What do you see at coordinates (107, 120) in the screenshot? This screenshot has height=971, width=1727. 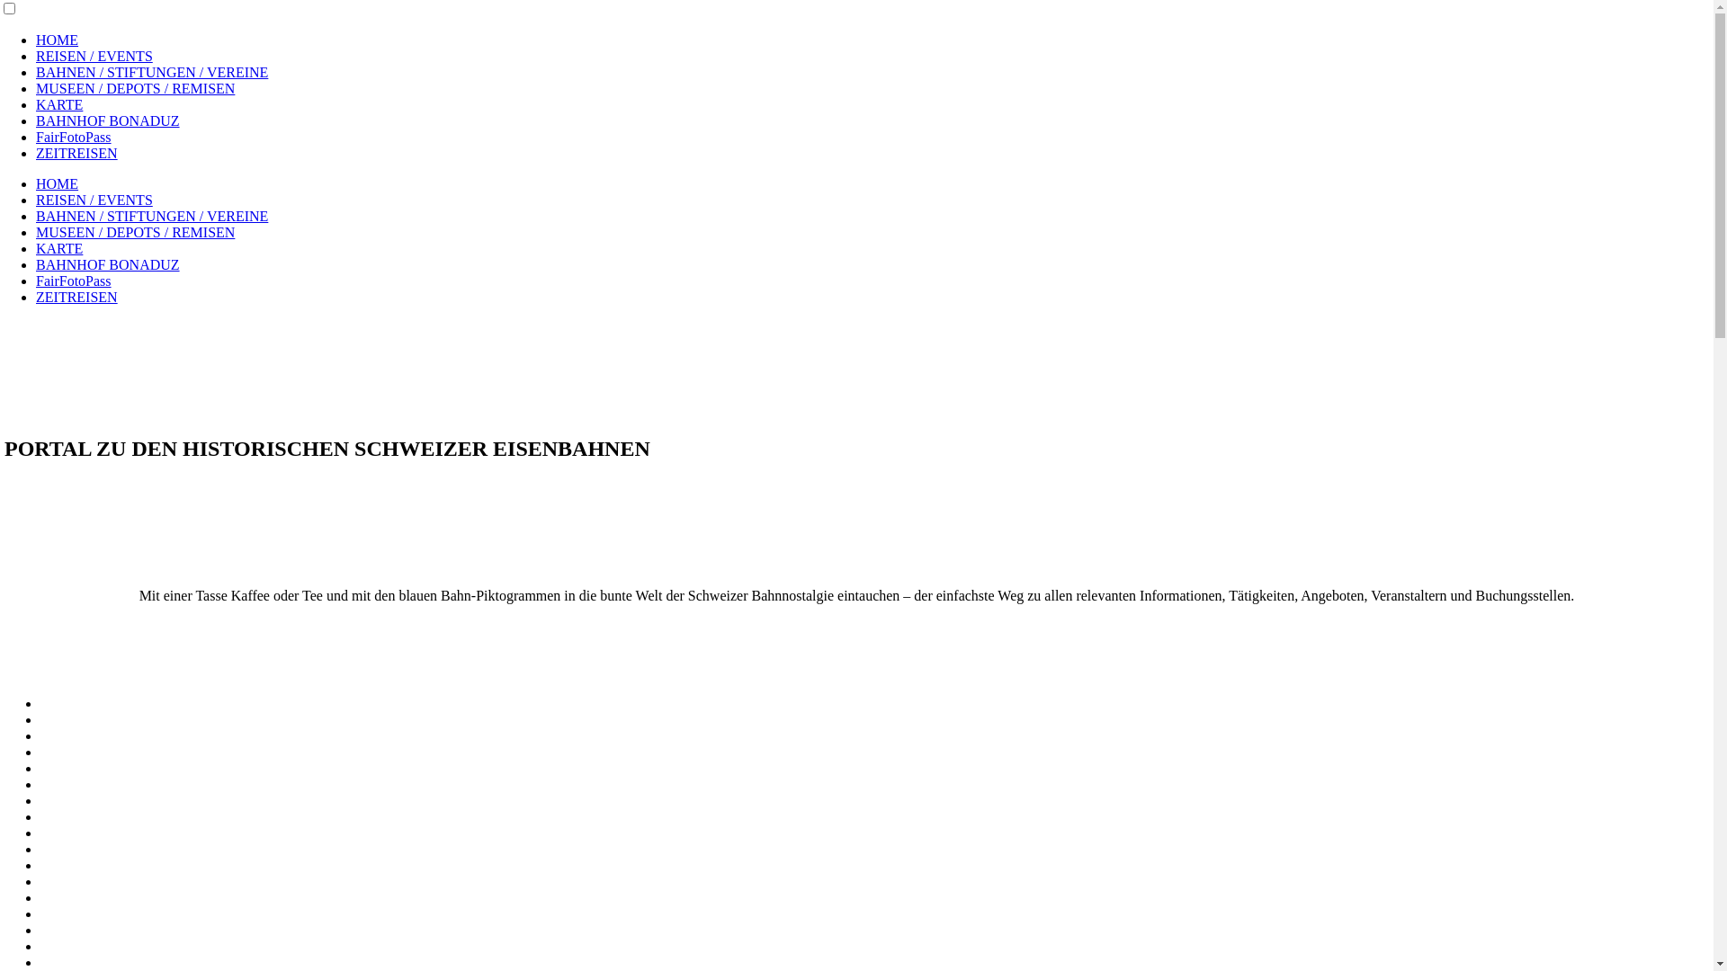 I see `'BAHNHOF BONADUZ'` at bounding box center [107, 120].